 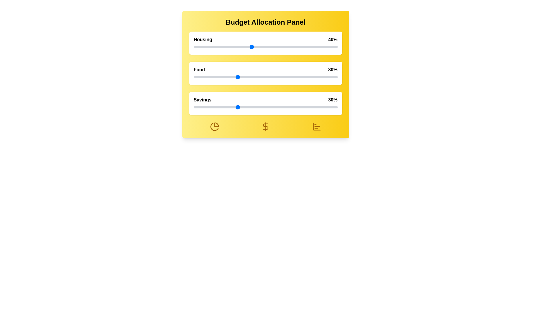 What do you see at coordinates (284, 107) in the screenshot?
I see `the savings percentage` at bounding box center [284, 107].